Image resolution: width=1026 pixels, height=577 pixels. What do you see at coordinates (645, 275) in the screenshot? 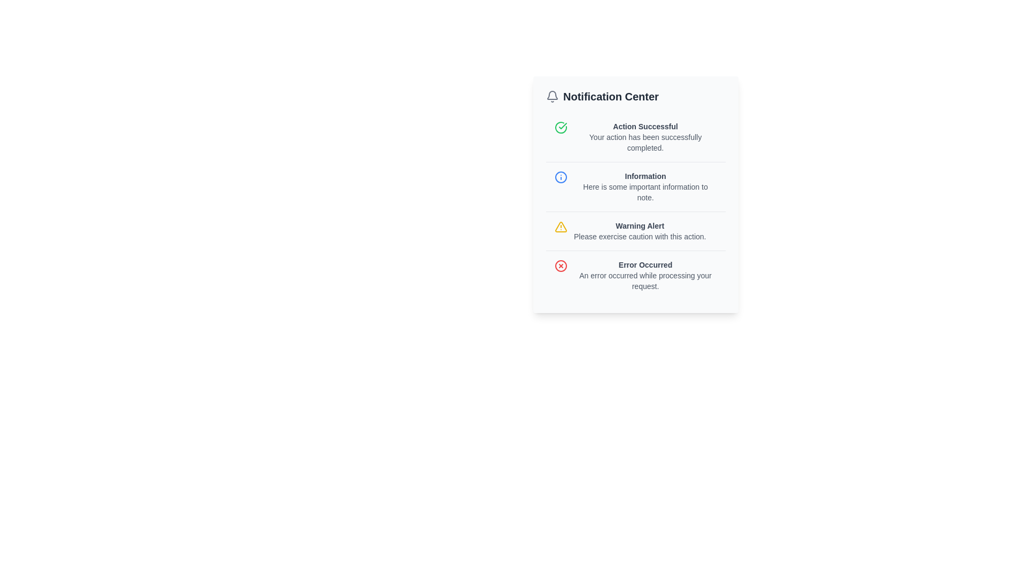
I see `text block displaying the message 'Error Occurred' within the fourth notification entry in the 'Notification Center' interface, which includes a bold title and an explanatory text` at bounding box center [645, 275].